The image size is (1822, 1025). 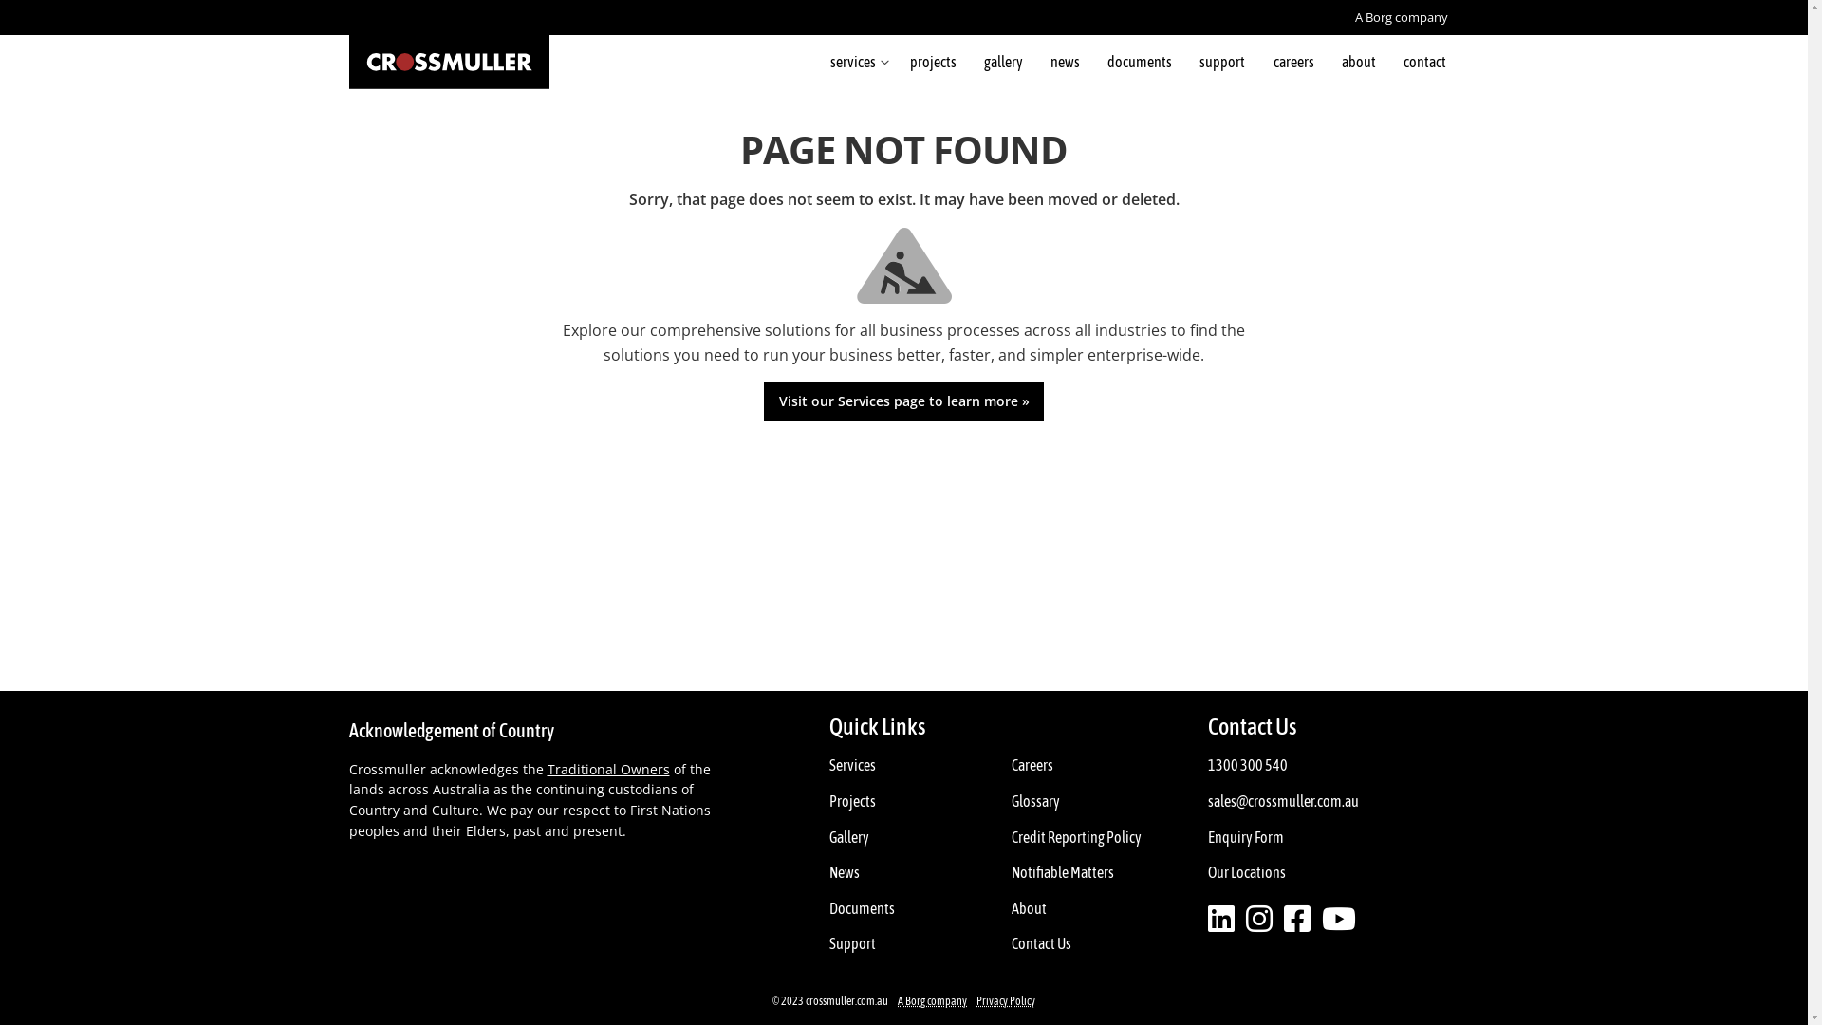 What do you see at coordinates (1247, 873) in the screenshot?
I see `'Our Locations'` at bounding box center [1247, 873].